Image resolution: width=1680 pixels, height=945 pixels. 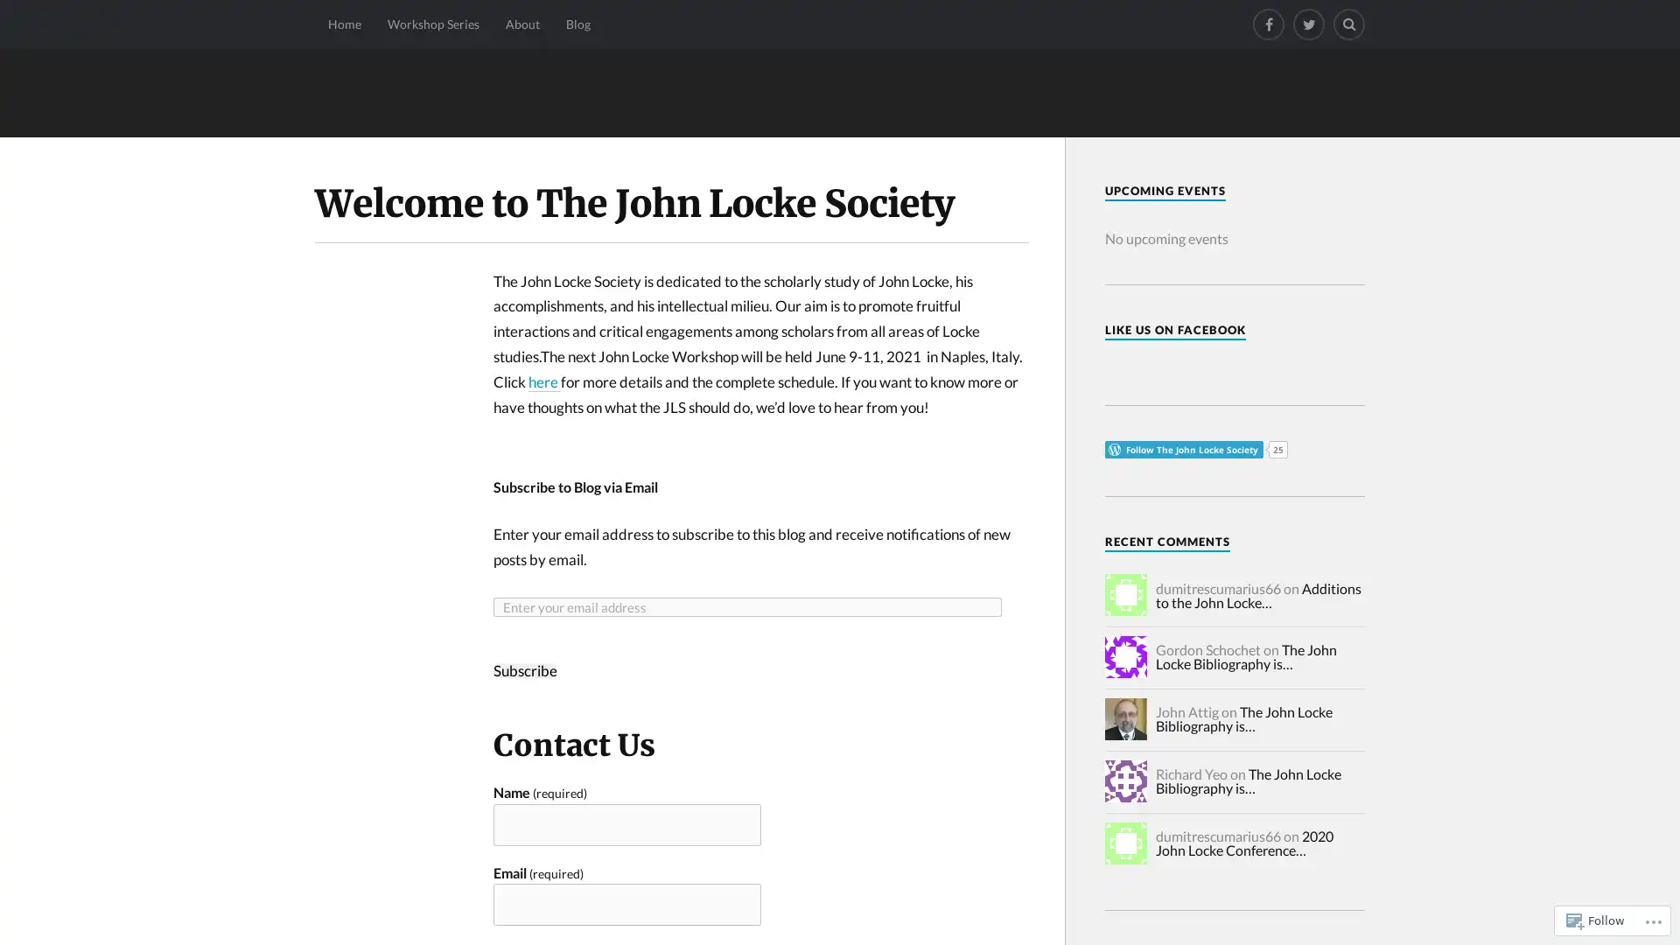 What do you see at coordinates (524, 669) in the screenshot?
I see `Subscribe` at bounding box center [524, 669].